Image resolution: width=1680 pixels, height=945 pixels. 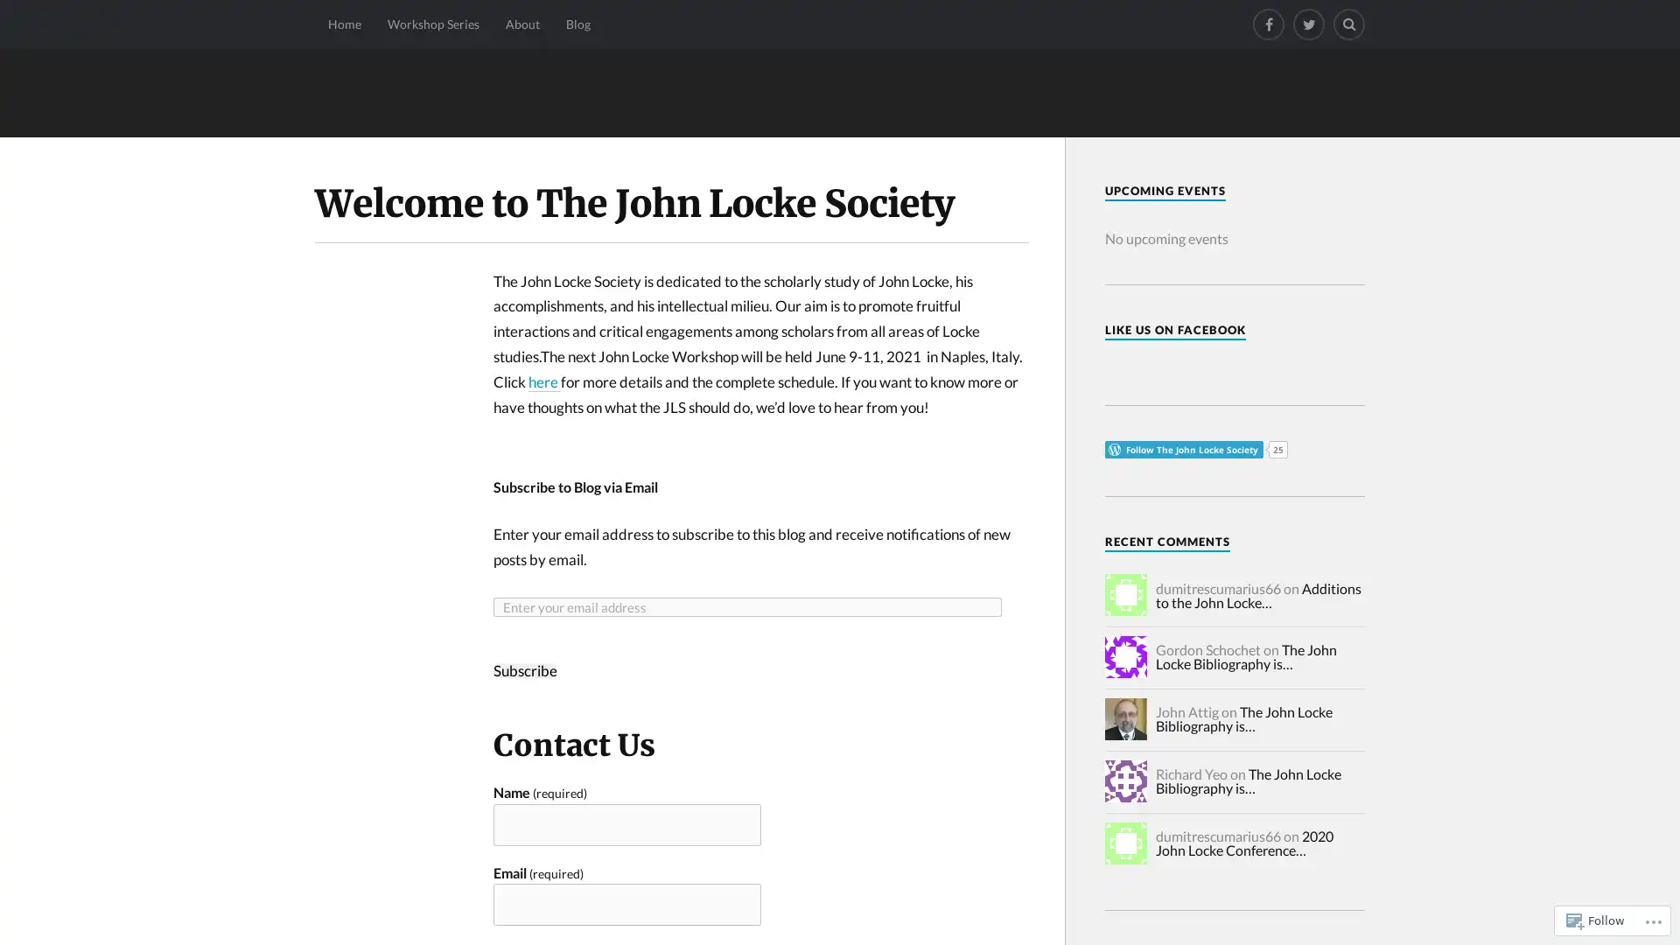 What do you see at coordinates (524, 669) in the screenshot?
I see `Subscribe` at bounding box center [524, 669].